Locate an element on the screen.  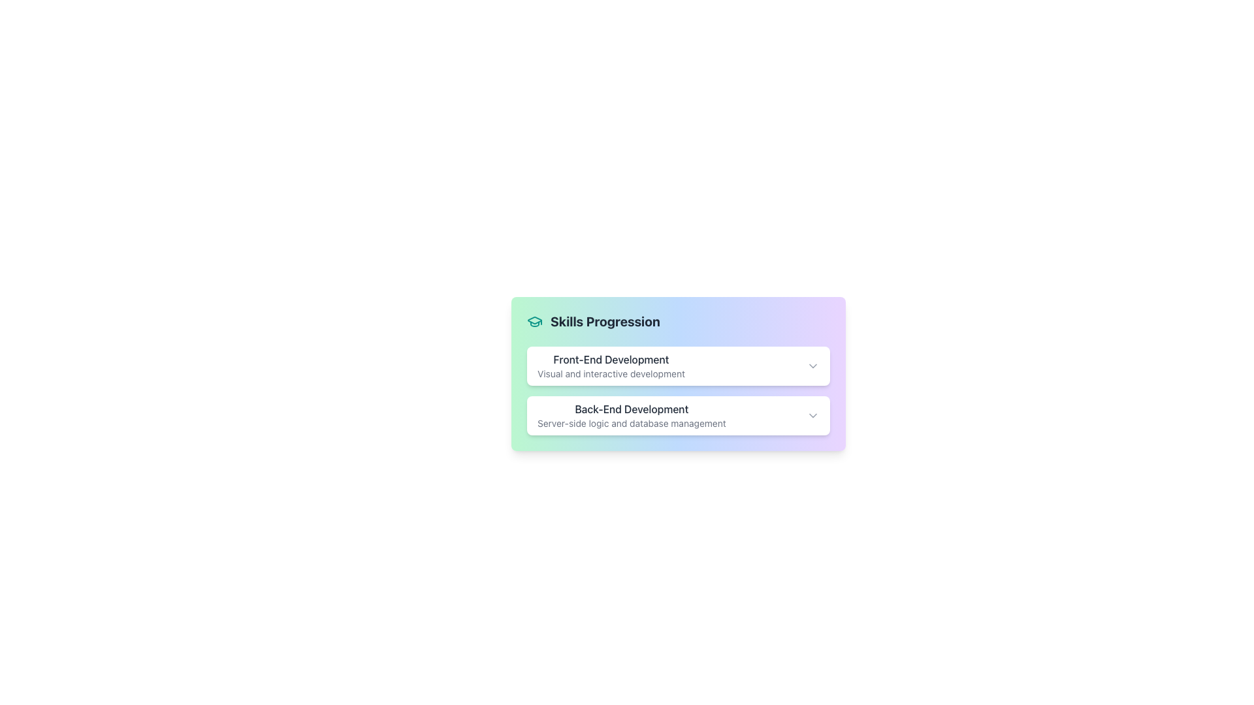
text from the header or title Text Block that serves as an overview for the skills progression content, located to the right of a graduation cap icon is located at coordinates (604, 322).